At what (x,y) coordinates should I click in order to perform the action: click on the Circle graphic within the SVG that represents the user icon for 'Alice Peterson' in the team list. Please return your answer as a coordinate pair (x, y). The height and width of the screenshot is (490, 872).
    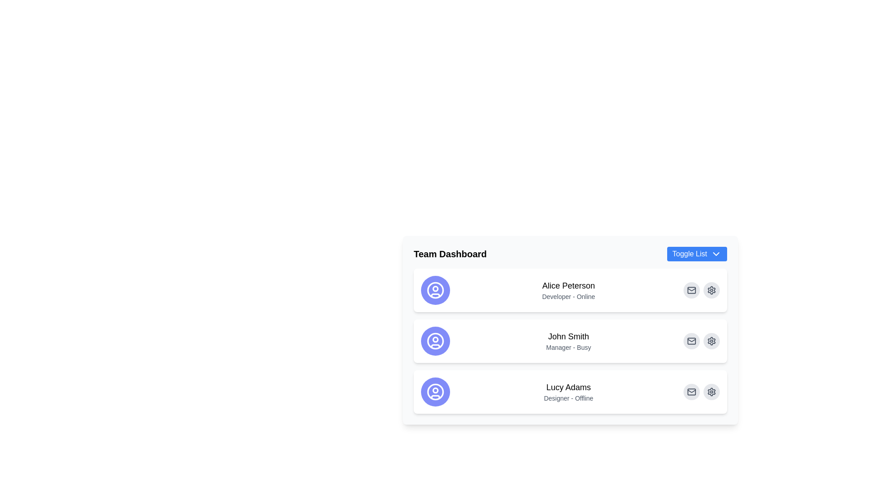
    Looking at the image, I should click on (435, 290).